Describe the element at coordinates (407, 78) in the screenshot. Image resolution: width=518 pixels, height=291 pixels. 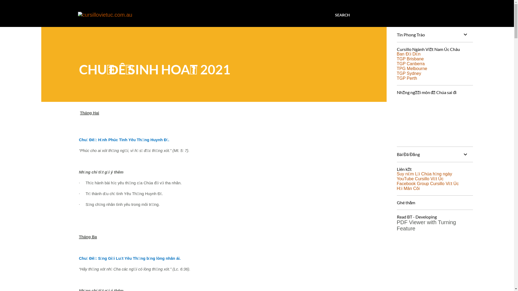
I see `'TGP Perth'` at that location.